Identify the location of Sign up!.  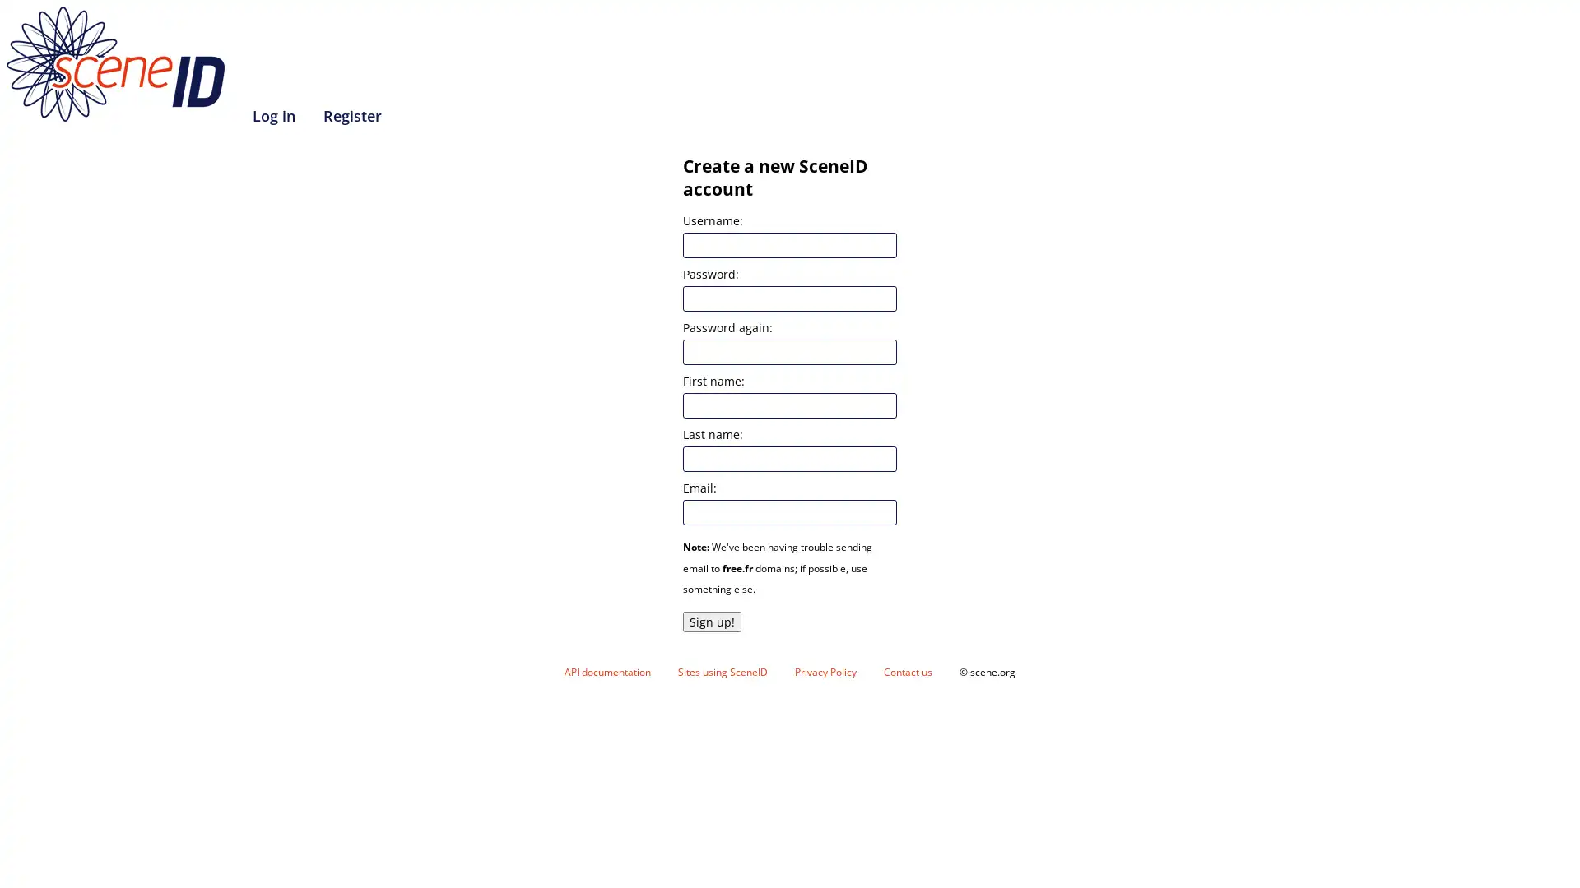
(712, 621).